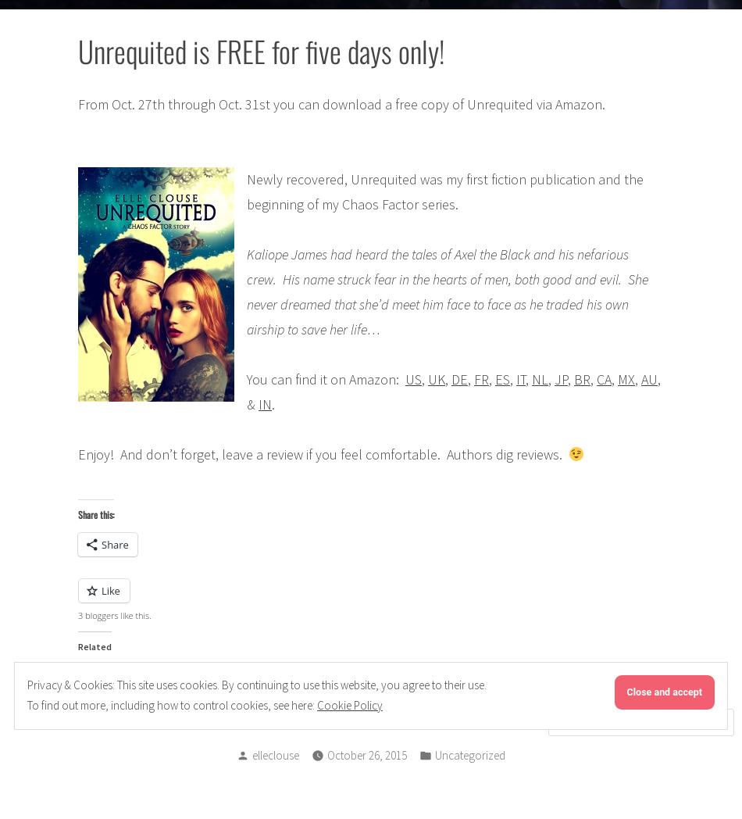 The width and height of the screenshot is (742, 819). What do you see at coordinates (172, 704) in the screenshot?
I see `'To find out more, including how to control cookies, see here:'` at bounding box center [172, 704].